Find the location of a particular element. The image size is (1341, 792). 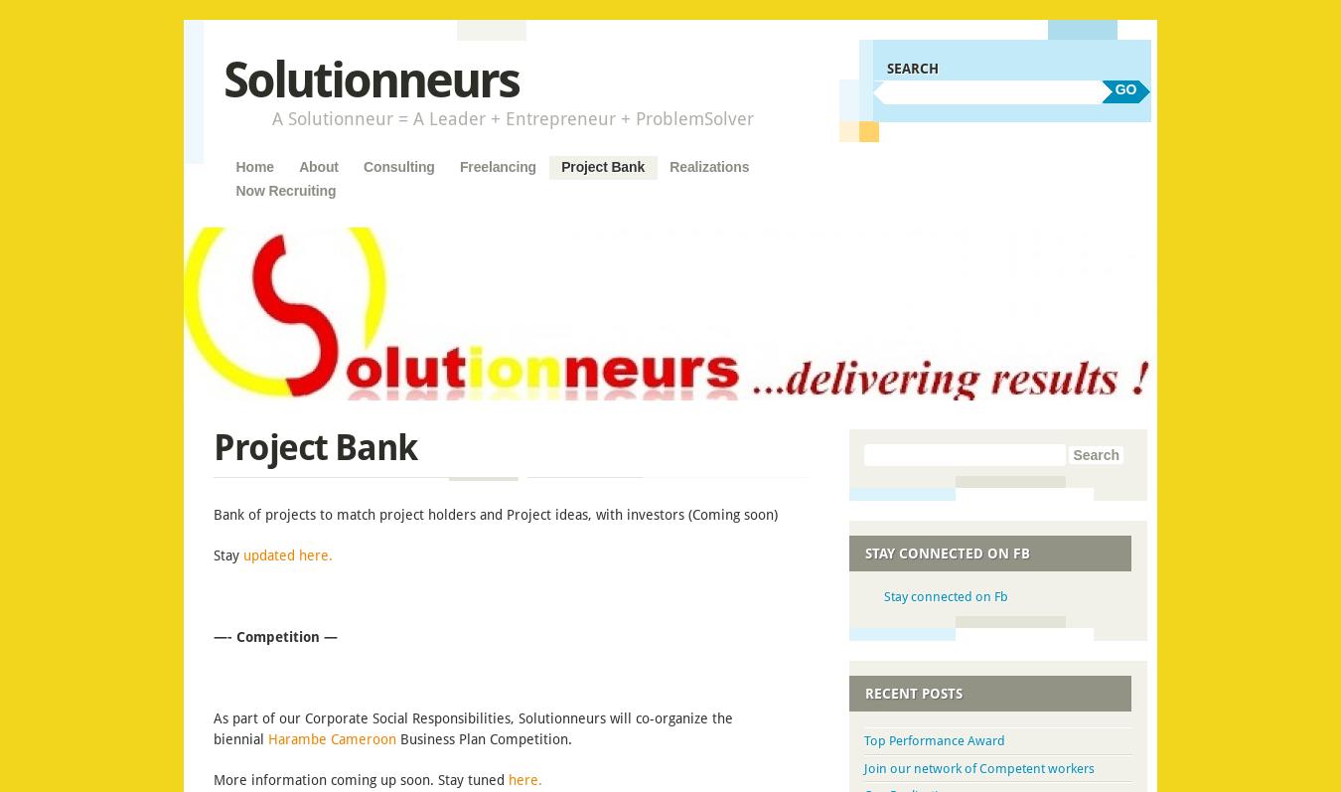

'More information coming up soon. Stay tuned' is located at coordinates (214, 779).